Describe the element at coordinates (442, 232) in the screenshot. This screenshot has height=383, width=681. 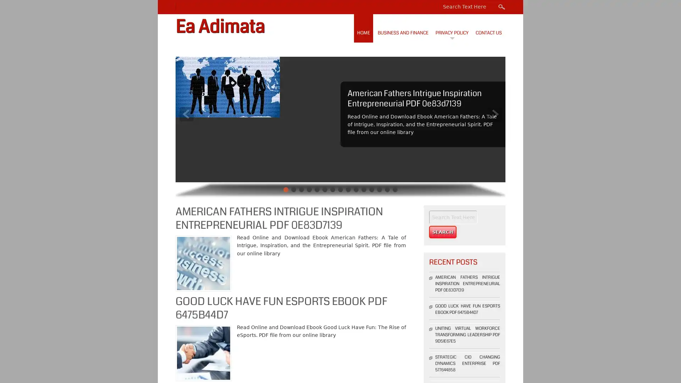
I see `Search` at that location.